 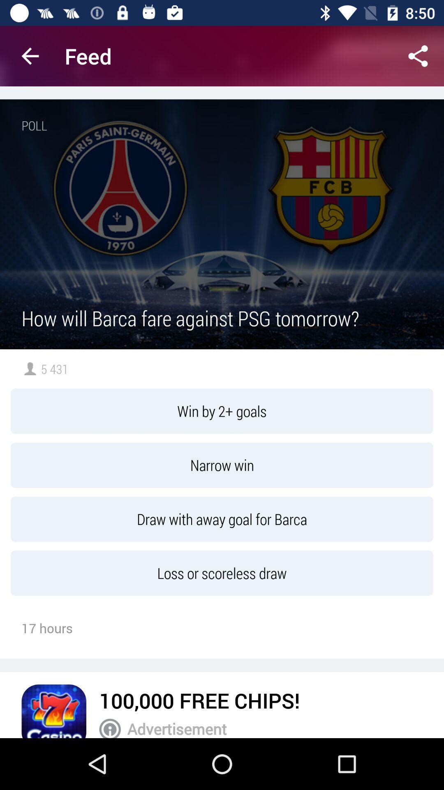 I want to click on share this poll, so click(x=418, y=56).